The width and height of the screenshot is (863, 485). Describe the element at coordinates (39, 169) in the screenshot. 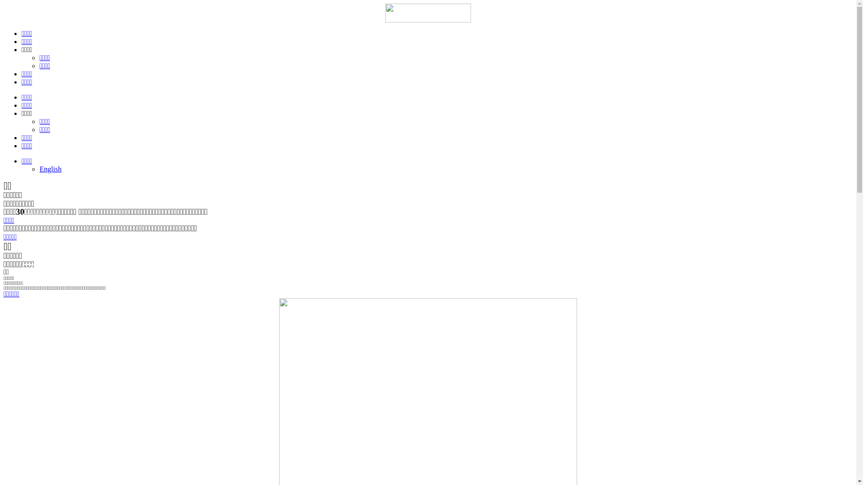

I see `'English'` at that location.